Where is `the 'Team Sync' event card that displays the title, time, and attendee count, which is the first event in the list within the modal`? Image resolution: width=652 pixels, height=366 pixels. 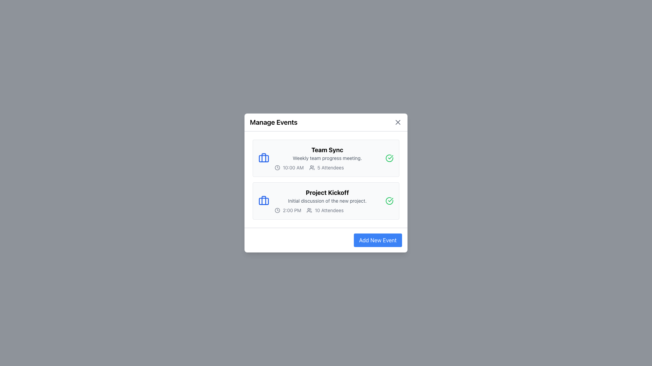
the 'Team Sync' event card that displays the title, time, and attendee count, which is the first event in the list within the modal is located at coordinates (326, 158).